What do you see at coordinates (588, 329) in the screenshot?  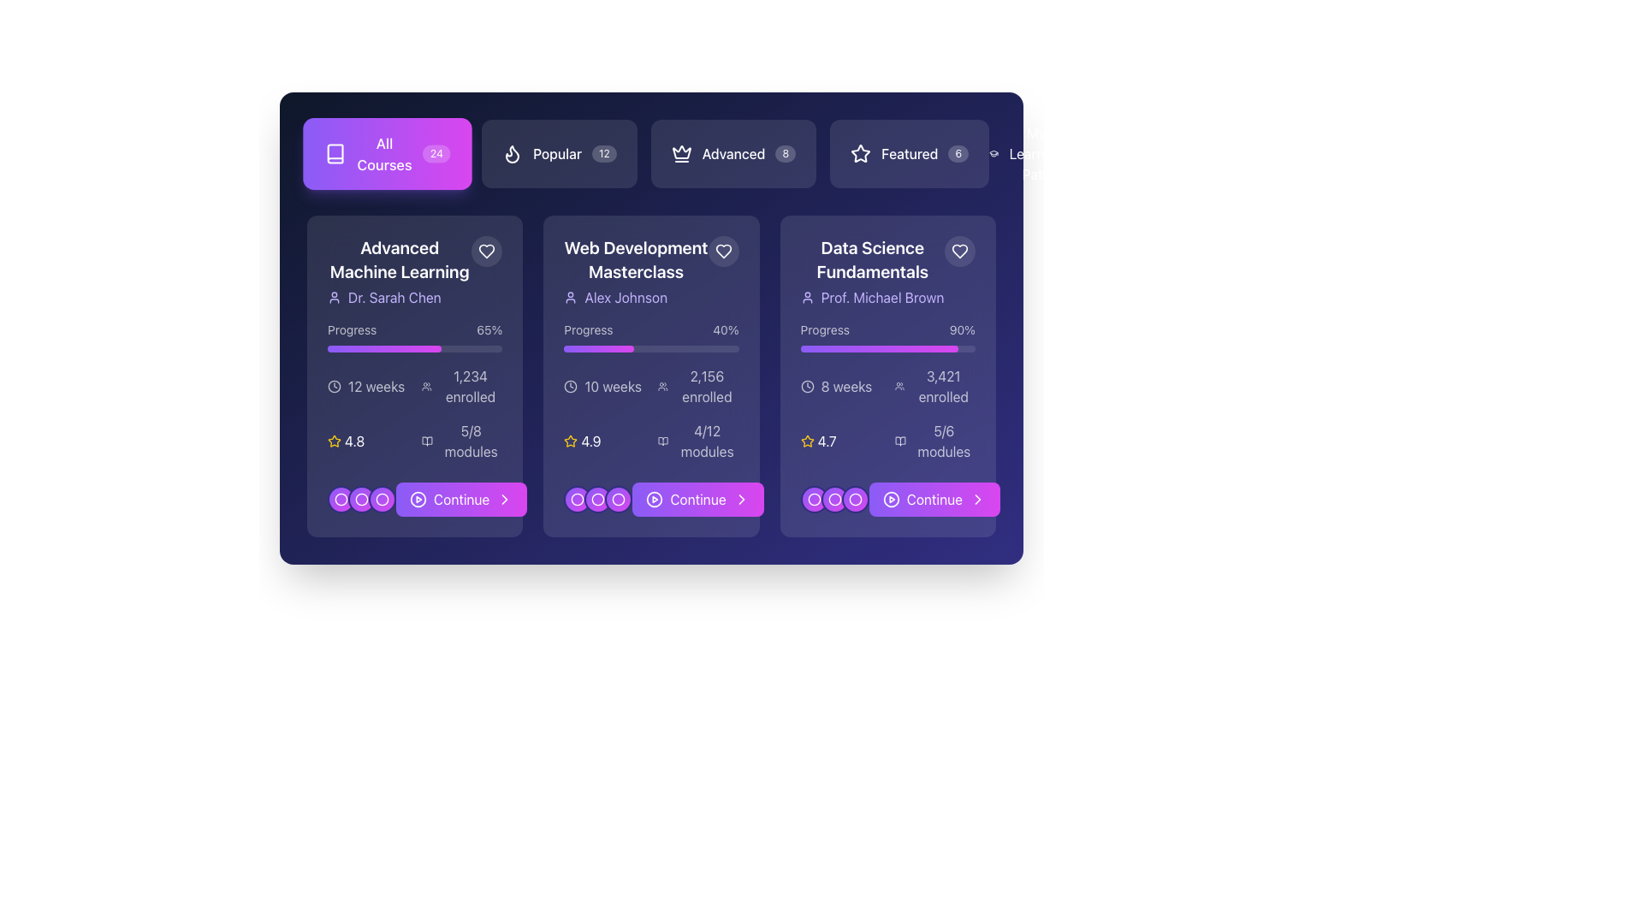 I see `the text label located in the upper section of the second card, directly to the left of the '40%' text, which indicates the progress status` at bounding box center [588, 329].